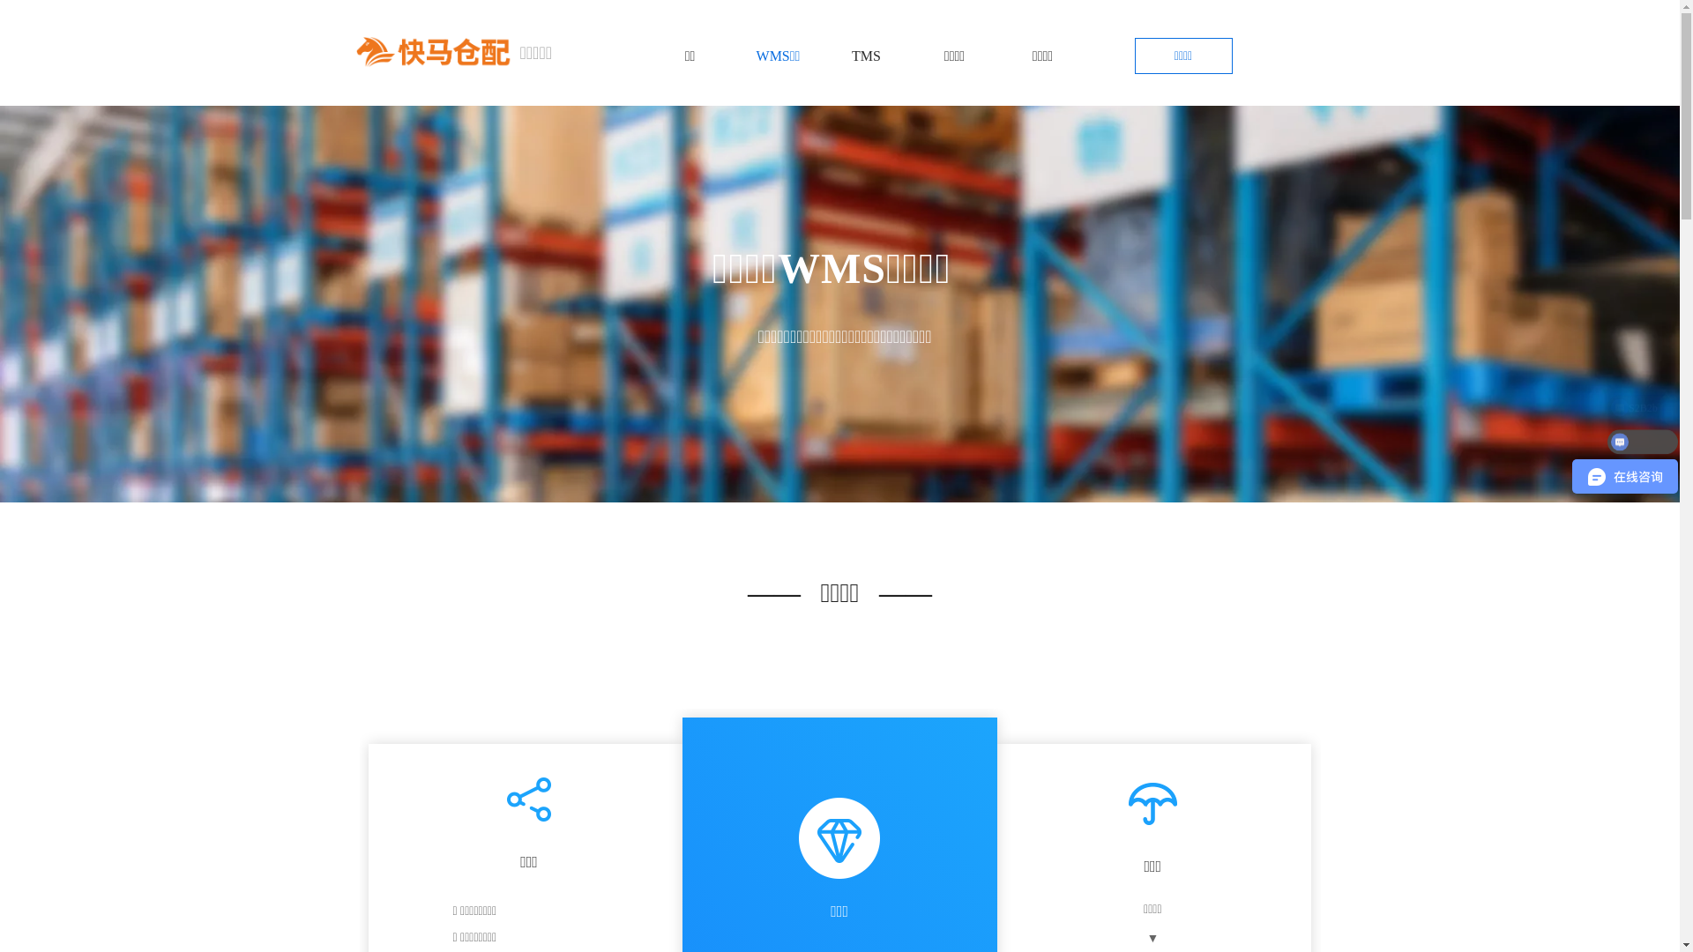  I want to click on 'TMS', so click(866, 56).